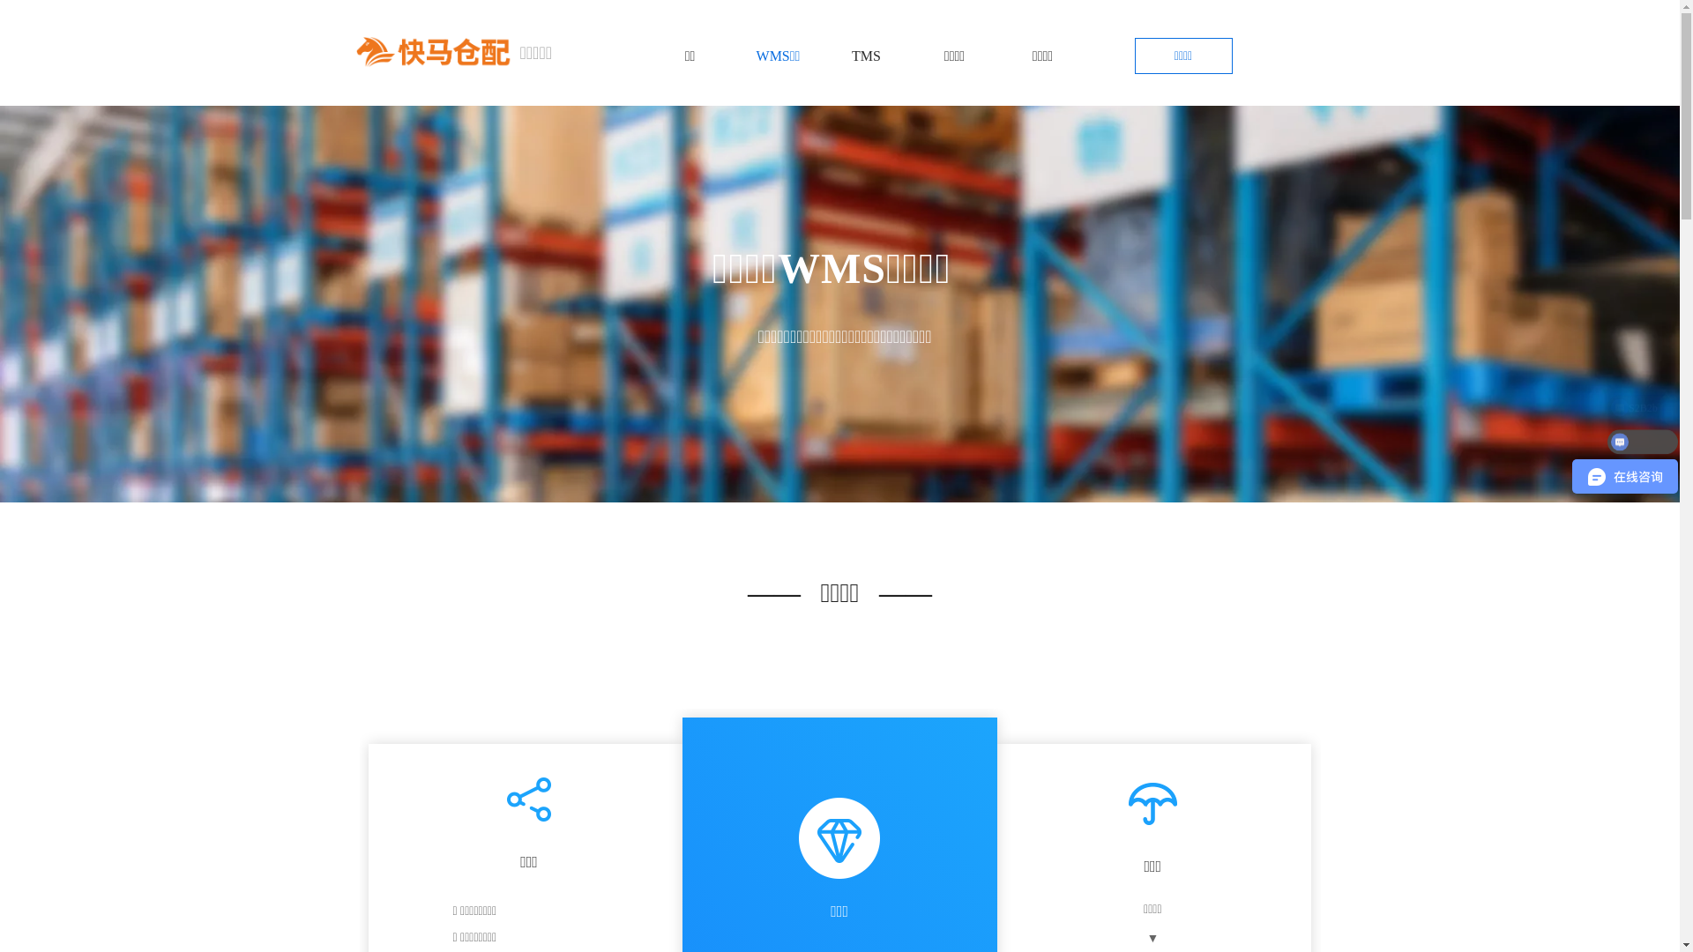  I want to click on 'TMS', so click(866, 56).